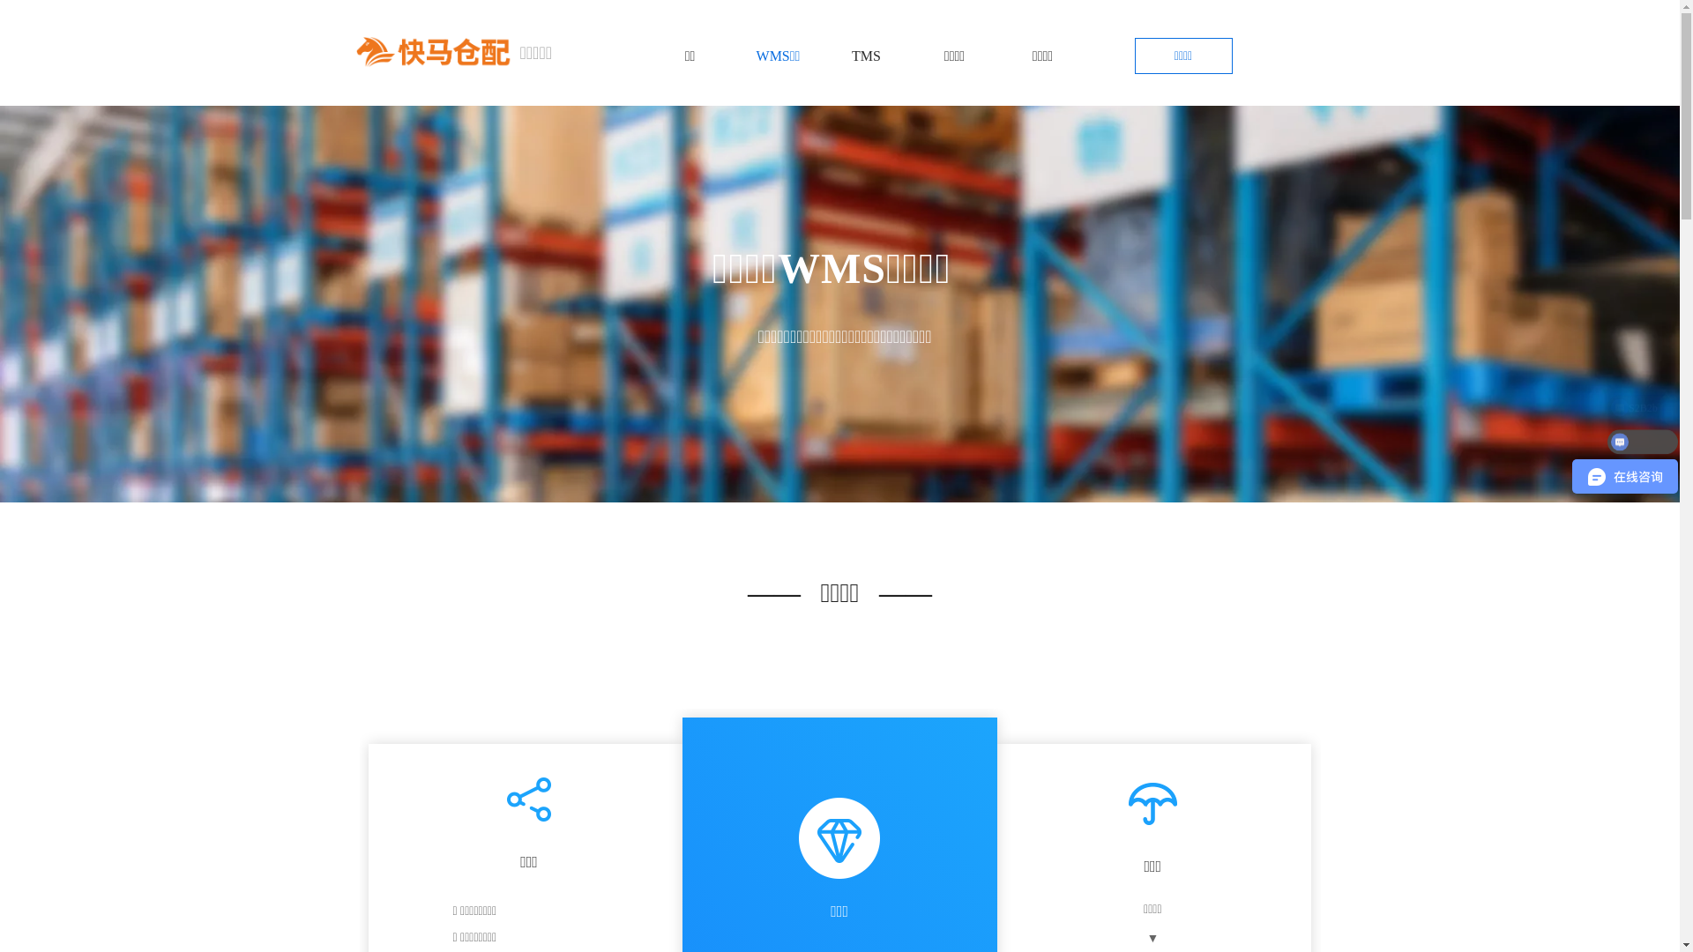  I want to click on 'TMS', so click(866, 56).